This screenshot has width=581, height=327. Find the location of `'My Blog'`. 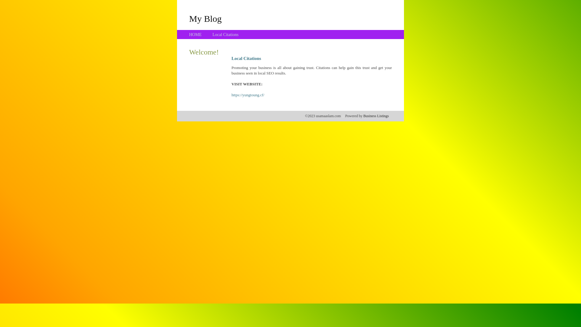

'My Blog' is located at coordinates (205, 18).